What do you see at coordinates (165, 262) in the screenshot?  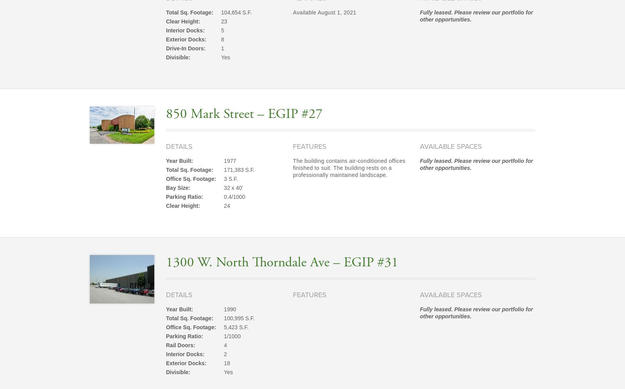 I see `'1300 W. North Thorndale Ave – EGIP #31'` at bounding box center [165, 262].